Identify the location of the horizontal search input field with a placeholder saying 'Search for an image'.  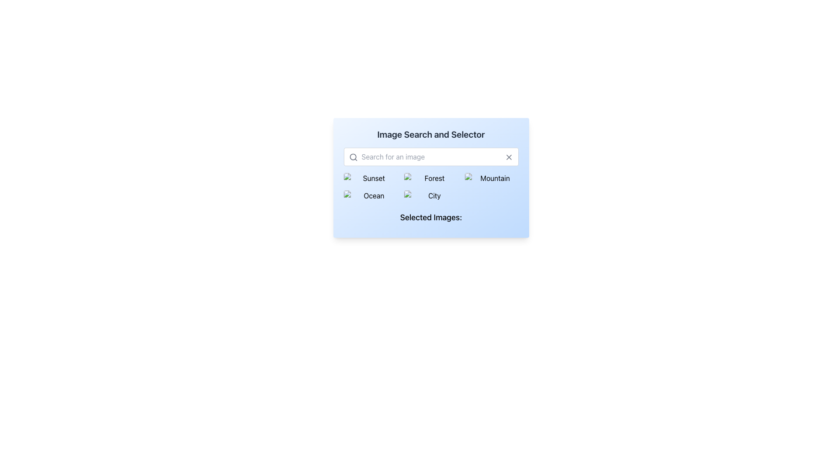
(431, 156).